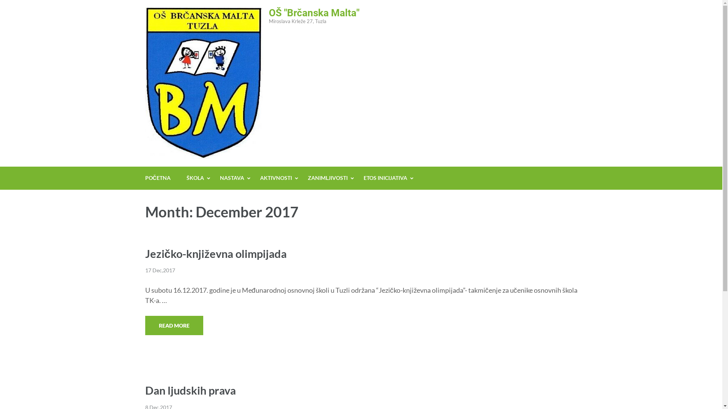  I want to click on 'NASTAVA', so click(220, 178).